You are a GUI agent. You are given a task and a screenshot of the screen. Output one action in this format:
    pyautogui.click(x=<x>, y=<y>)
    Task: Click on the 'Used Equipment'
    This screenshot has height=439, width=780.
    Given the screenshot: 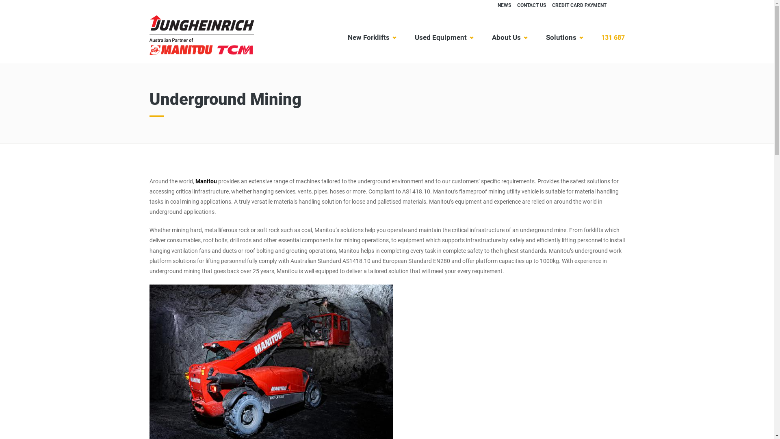 What is the action you would take?
    pyautogui.click(x=414, y=37)
    